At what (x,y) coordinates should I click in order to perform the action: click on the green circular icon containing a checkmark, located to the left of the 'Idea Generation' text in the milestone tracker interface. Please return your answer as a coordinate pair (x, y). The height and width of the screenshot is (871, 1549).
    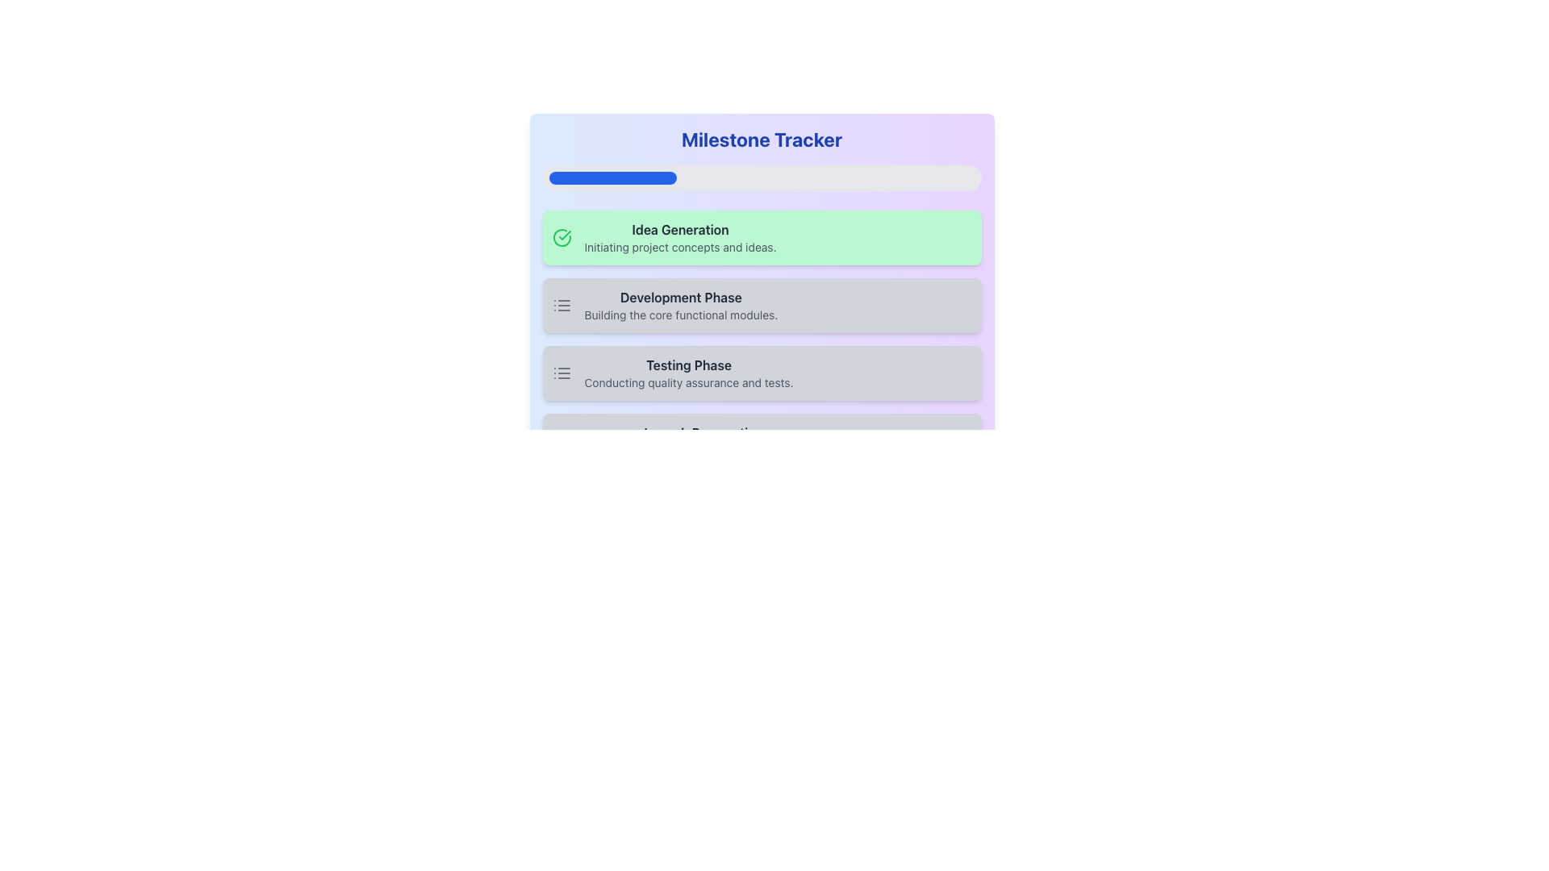
    Looking at the image, I should click on (562, 237).